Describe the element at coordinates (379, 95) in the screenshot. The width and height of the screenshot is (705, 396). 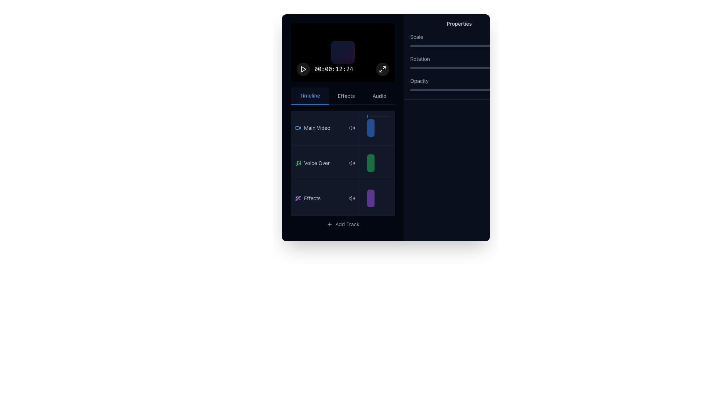
I see `the 'Audio' button, which is the third button in the horizontal tab navigation bar, to switch to the 'Audio' section` at that location.